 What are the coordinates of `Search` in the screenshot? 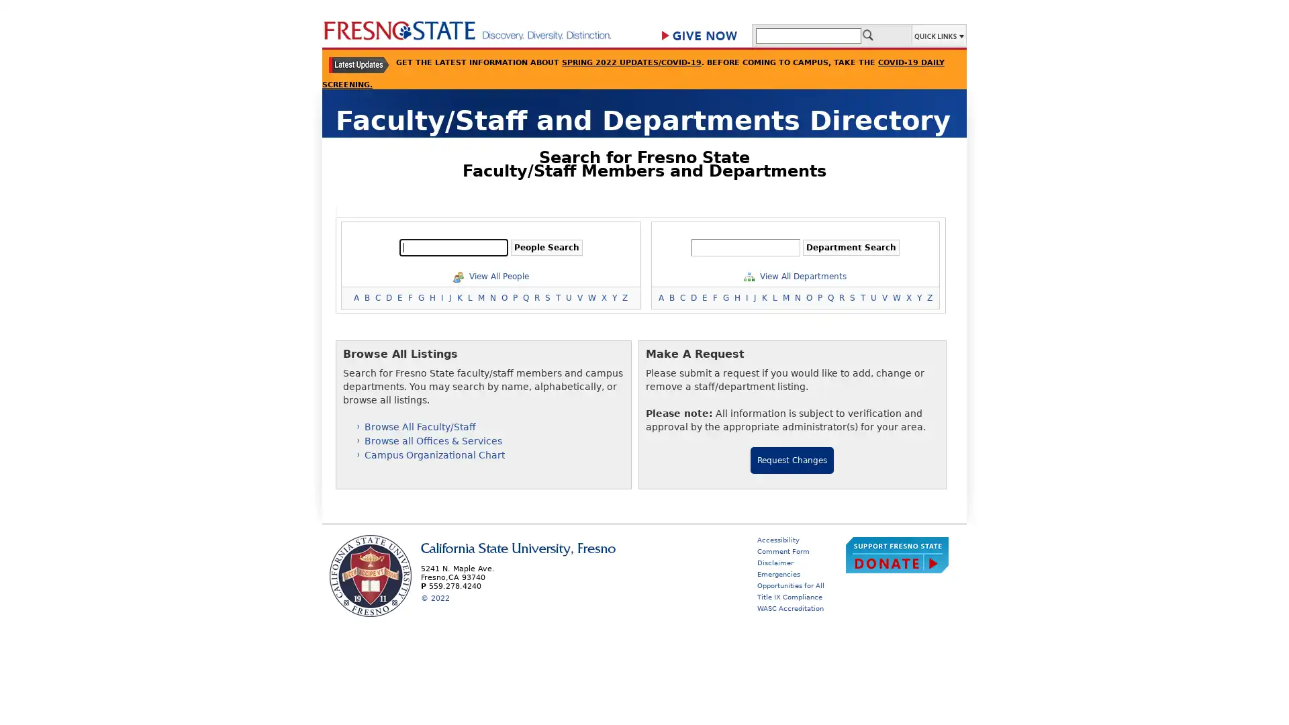 It's located at (867, 34).